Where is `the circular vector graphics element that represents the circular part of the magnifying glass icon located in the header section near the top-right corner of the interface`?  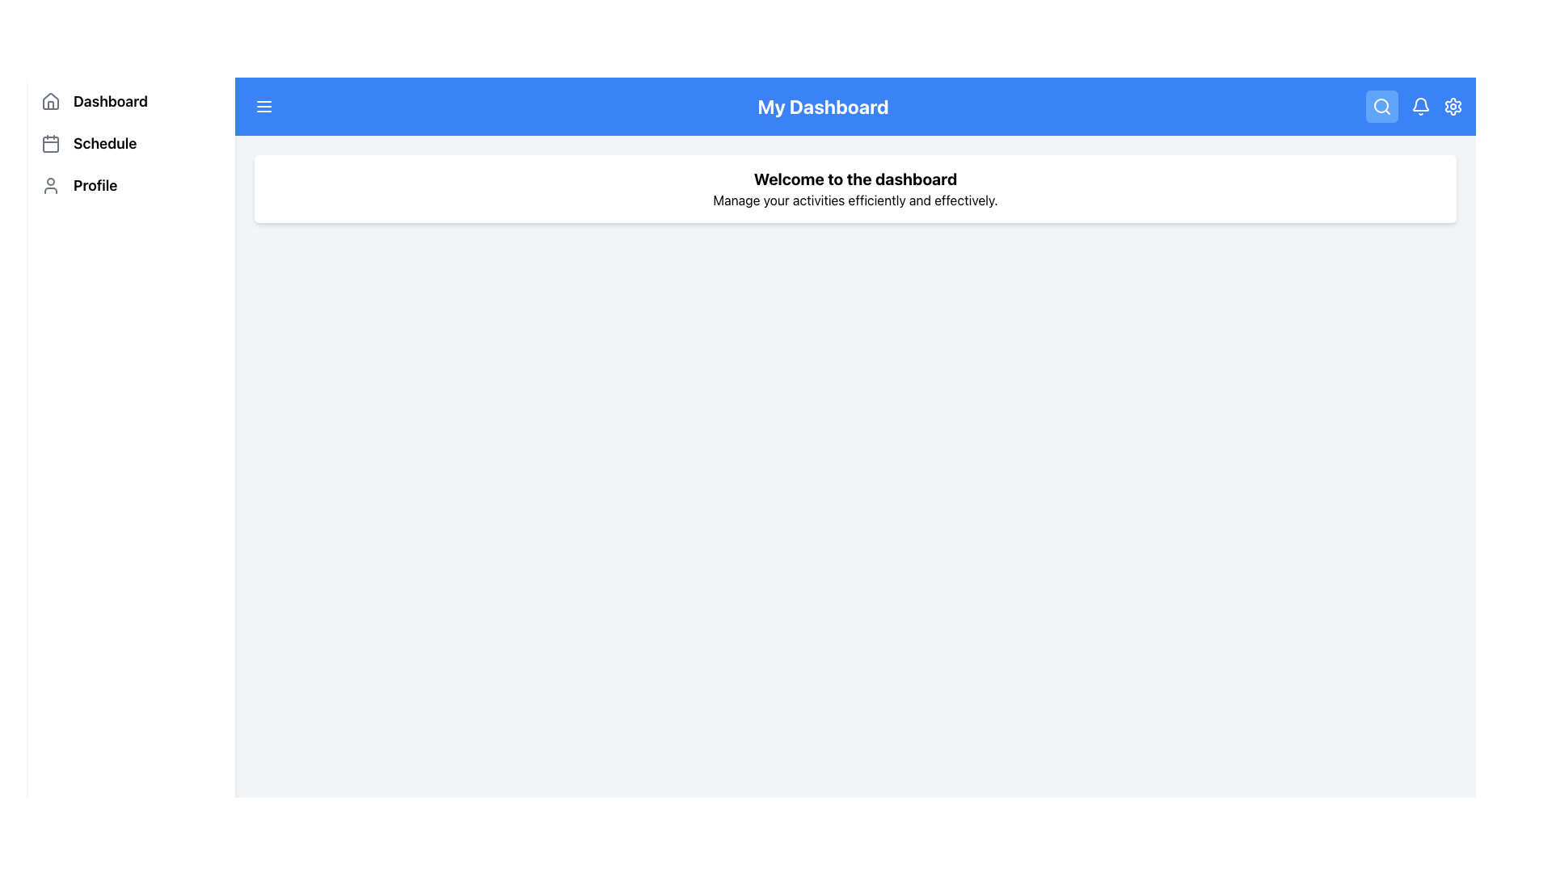 the circular vector graphics element that represents the circular part of the magnifying glass icon located in the header section near the top-right corner of the interface is located at coordinates (1380, 106).